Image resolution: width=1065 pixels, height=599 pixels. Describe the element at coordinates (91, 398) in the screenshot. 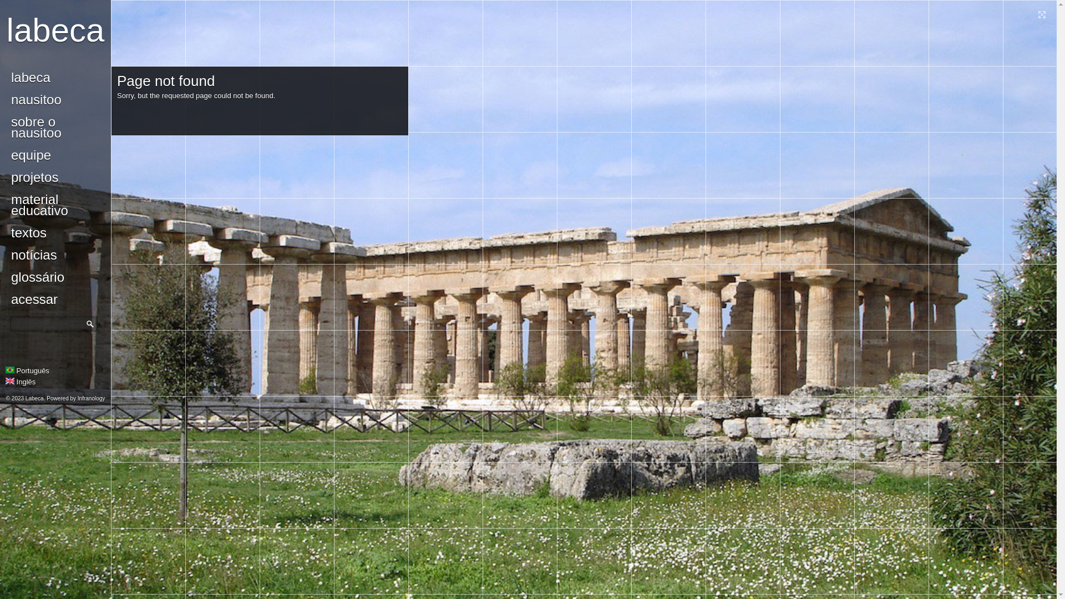

I see `'Infranology'` at that location.